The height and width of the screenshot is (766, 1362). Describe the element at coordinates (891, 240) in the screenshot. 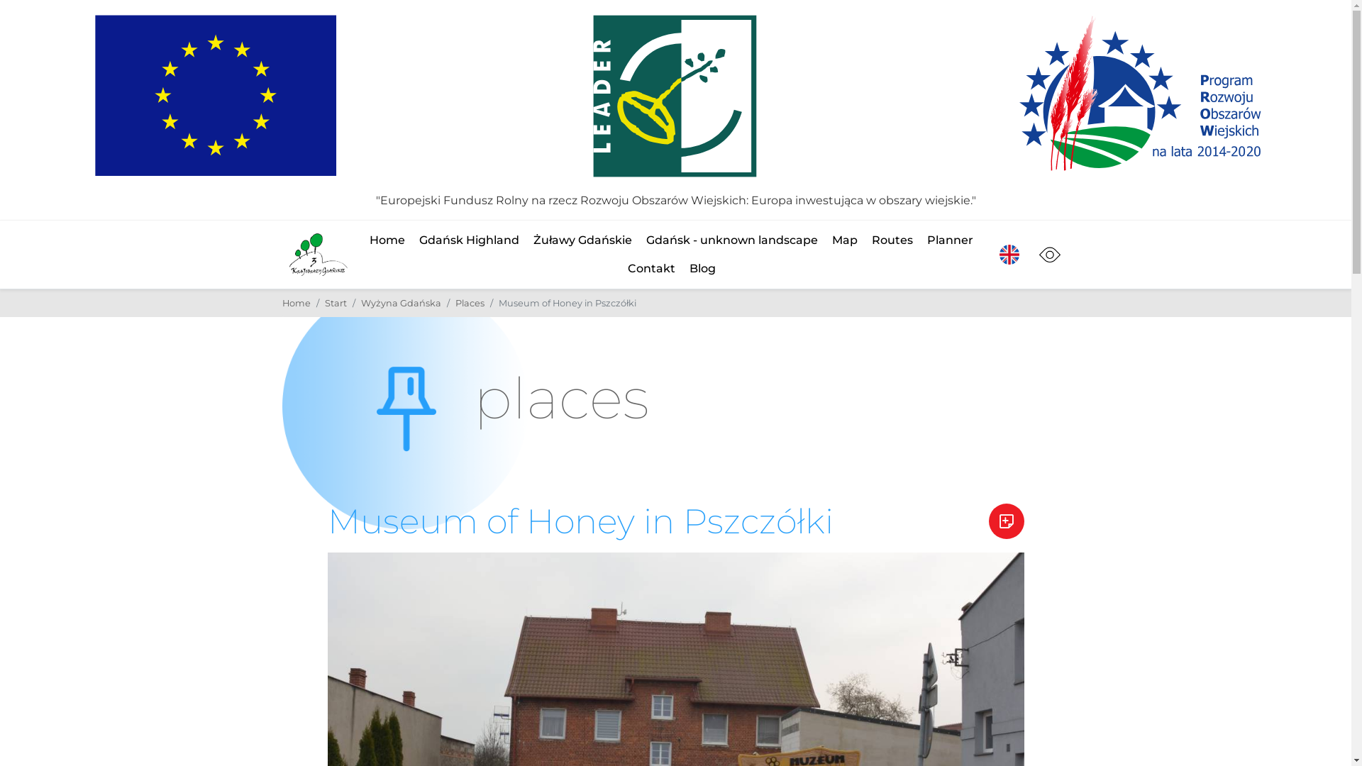

I see `'Routes'` at that location.